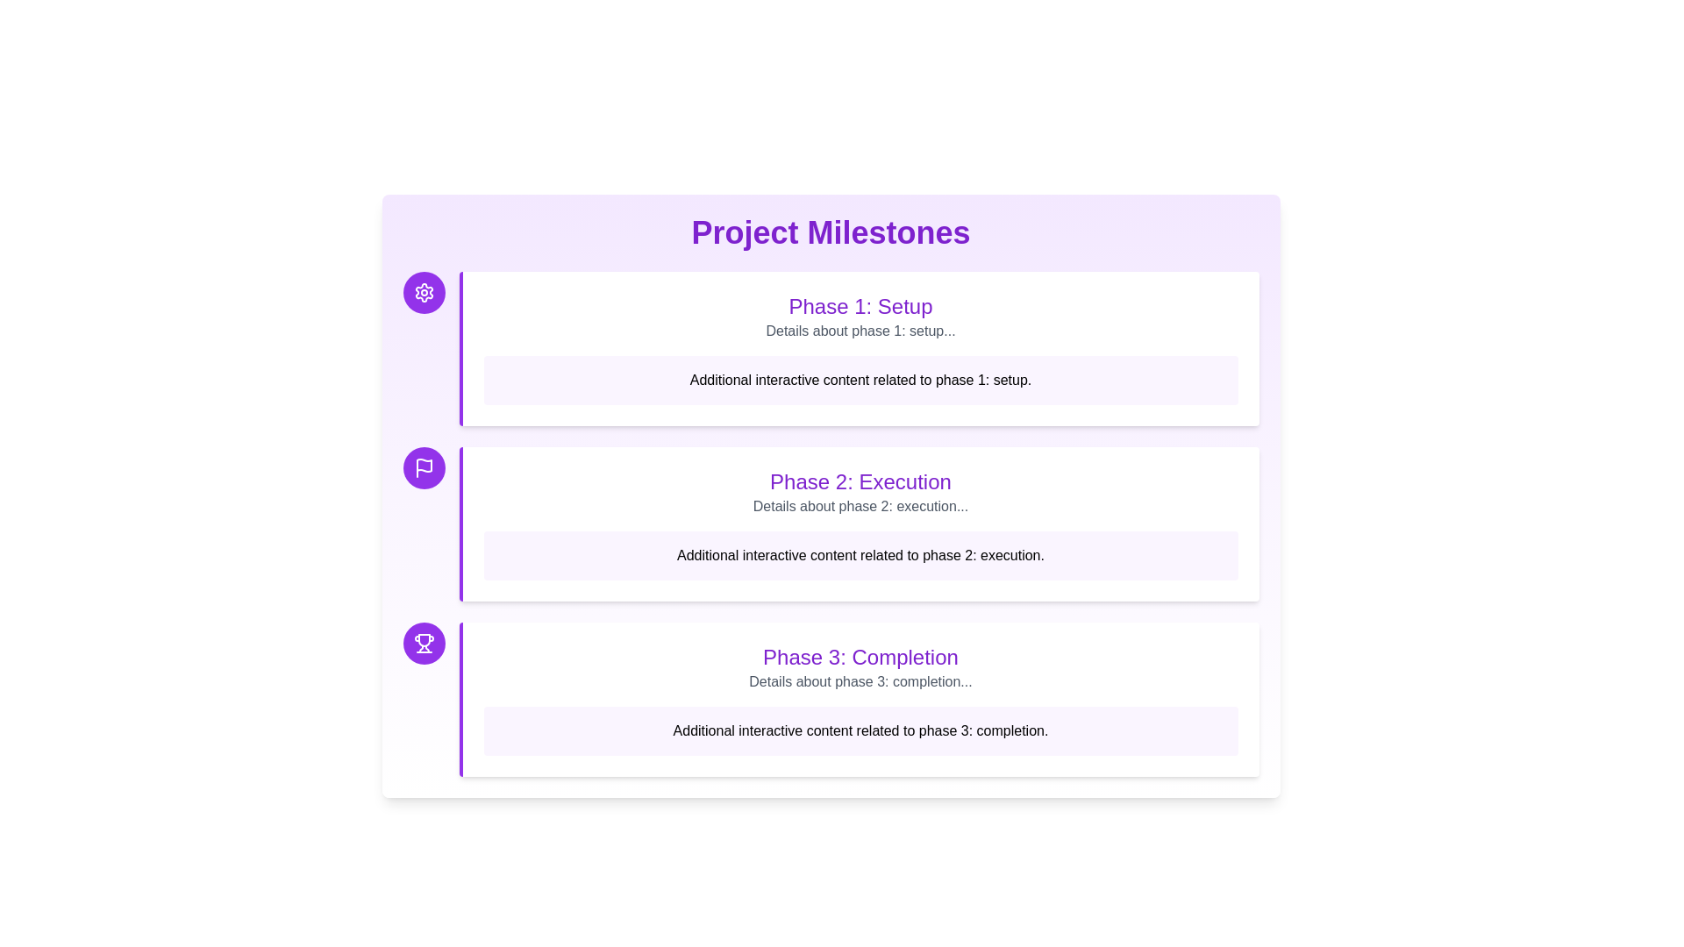 The image size is (1684, 947). Describe the element at coordinates (424, 292) in the screenshot. I see `the settings icon button located inside the first circular icon on the left side of the interface, associated with the 'Phase 1: Setup' stage` at that location.